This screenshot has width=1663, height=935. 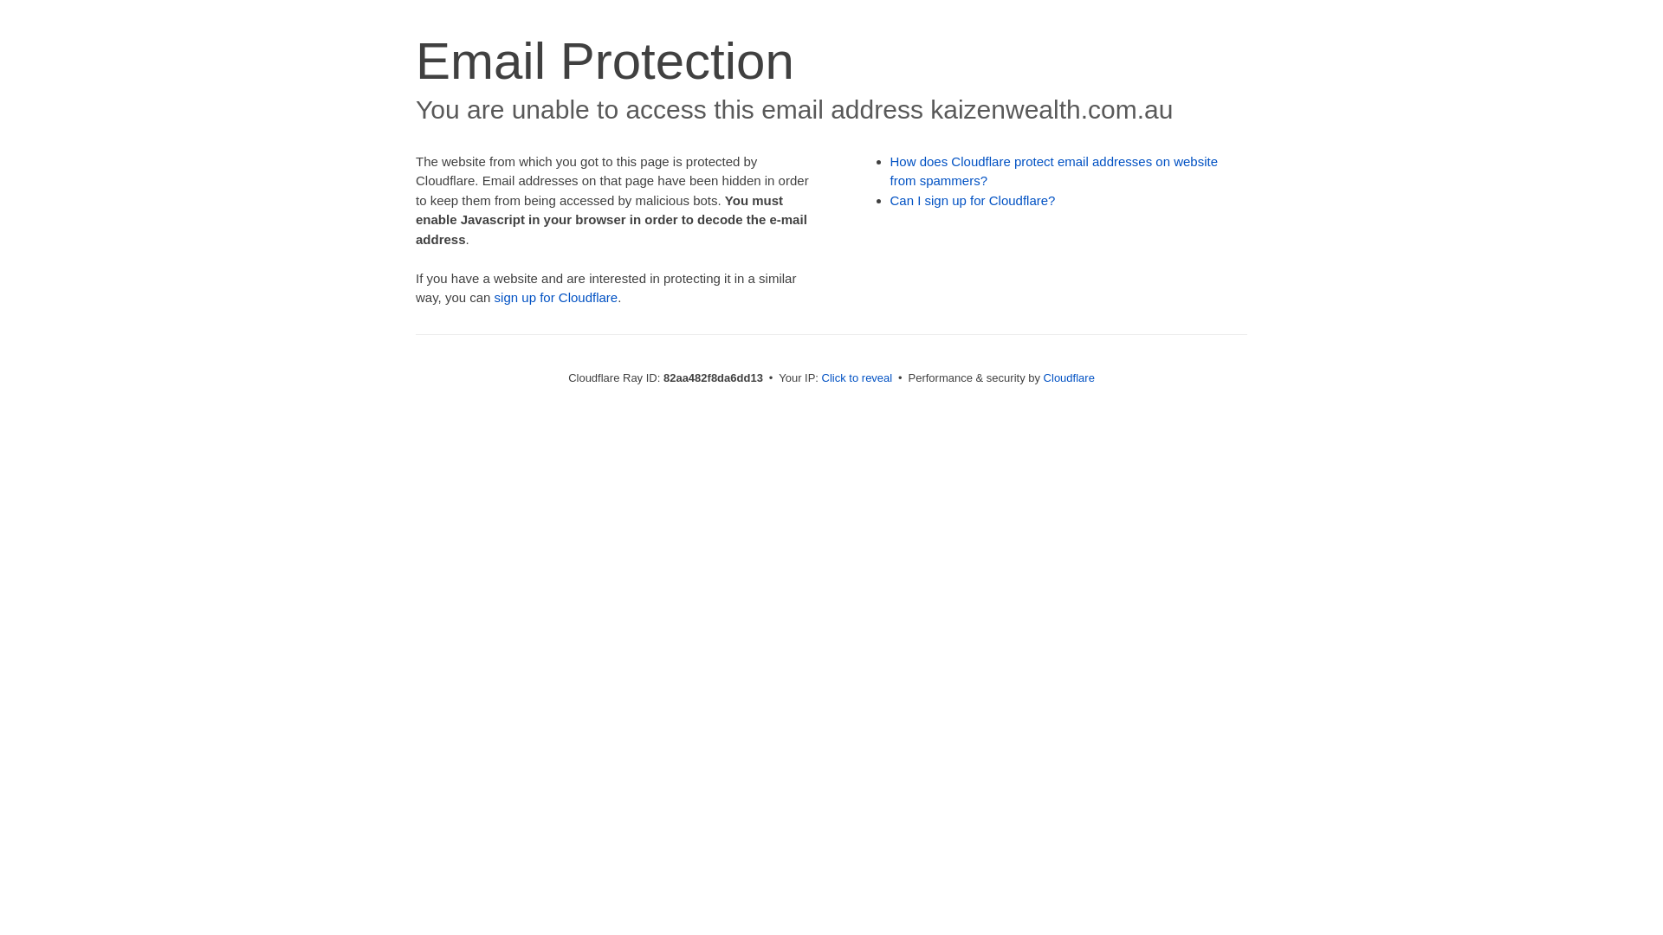 What do you see at coordinates (1068, 377) in the screenshot?
I see `'Cloudflare'` at bounding box center [1068, 377].